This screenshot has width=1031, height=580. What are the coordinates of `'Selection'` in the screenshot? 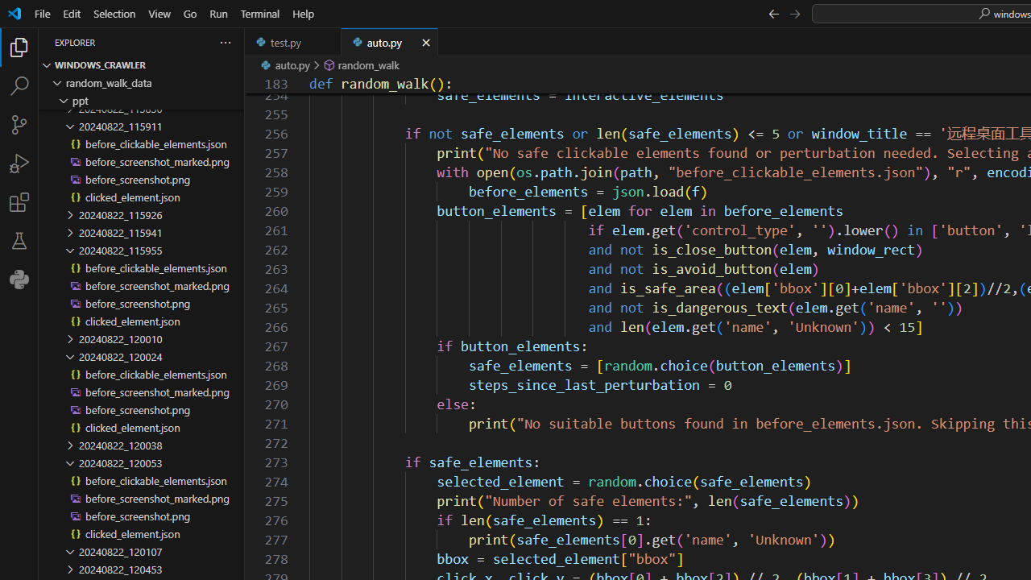 It's located at (114, 13).